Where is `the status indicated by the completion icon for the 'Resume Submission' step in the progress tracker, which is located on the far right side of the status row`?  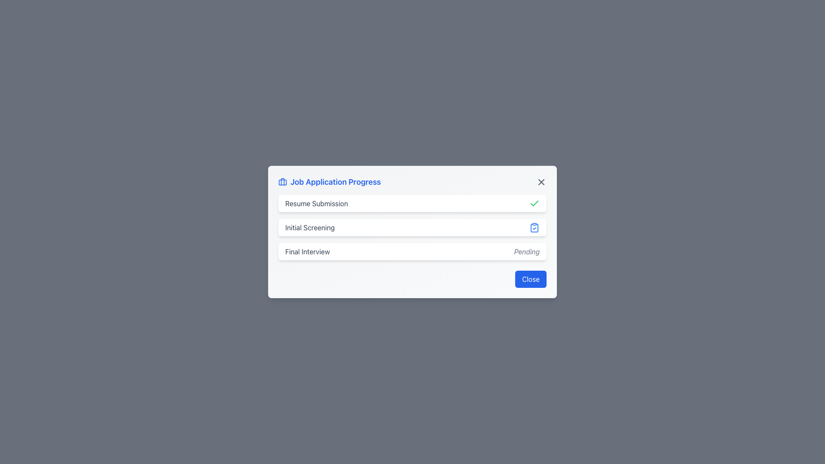
the status indicated by the completion icon for the 'Resume Submission' step in the progress tracker, which is located on the far right side of the status row is located at coordinates (534, 204).